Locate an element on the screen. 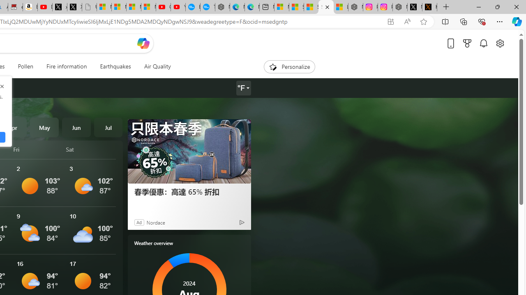 The image size is (526, 295). 'Pollen' is located at coordinates (25, 66).